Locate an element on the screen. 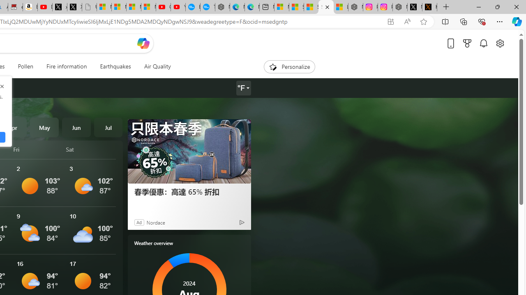 The image size is (526, 295). 'Pollen' is located at coordinates (25, 66).